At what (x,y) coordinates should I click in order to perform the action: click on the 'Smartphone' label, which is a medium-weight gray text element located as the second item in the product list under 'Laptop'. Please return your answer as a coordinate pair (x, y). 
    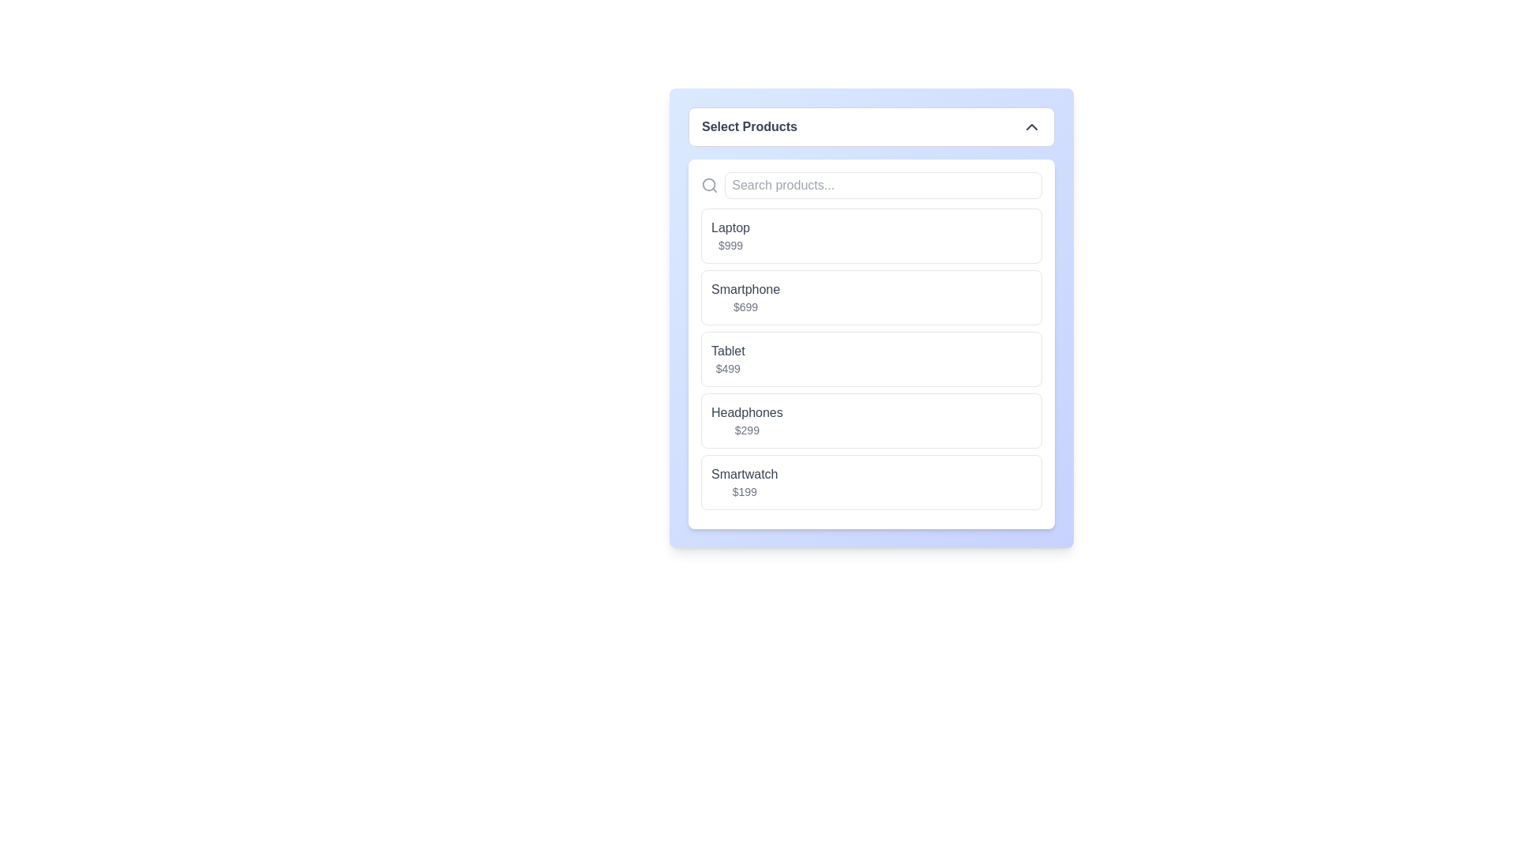
    Looking at the image, I should click on (745, 289).